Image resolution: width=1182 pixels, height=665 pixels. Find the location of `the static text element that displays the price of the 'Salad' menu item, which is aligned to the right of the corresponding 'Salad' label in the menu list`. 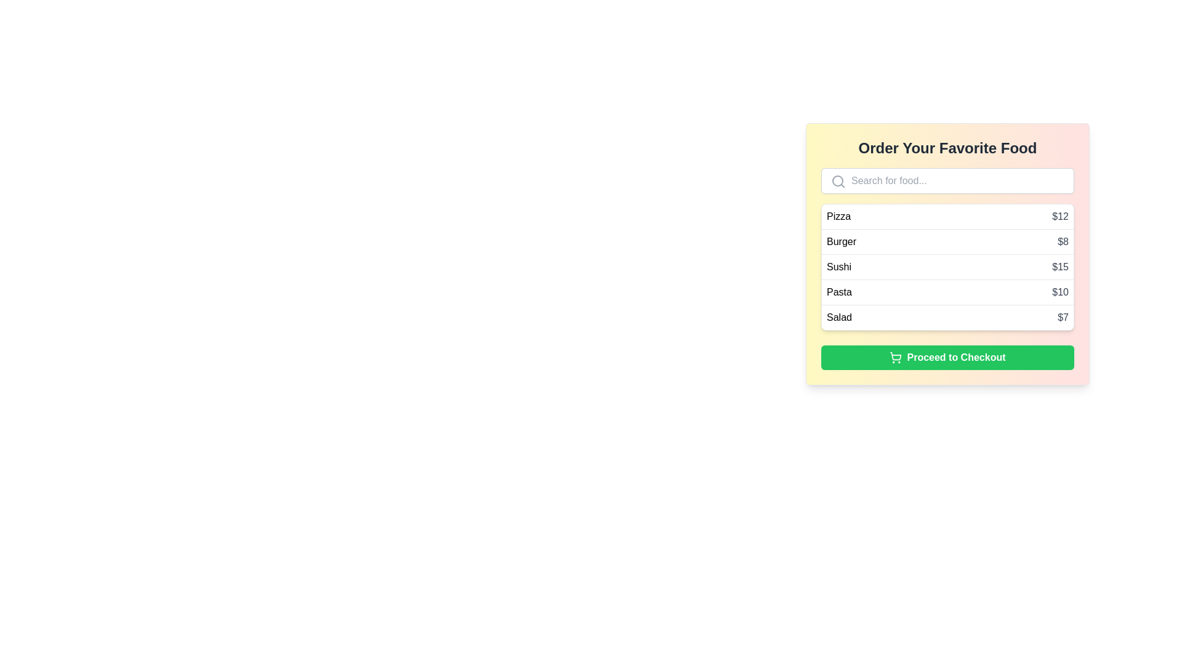

the static text element that displays the price of the 'Salad' menu item, which is aligned to the right of the corresponding 'Salad' label in the menu list is located at coordinates (1063, 317).